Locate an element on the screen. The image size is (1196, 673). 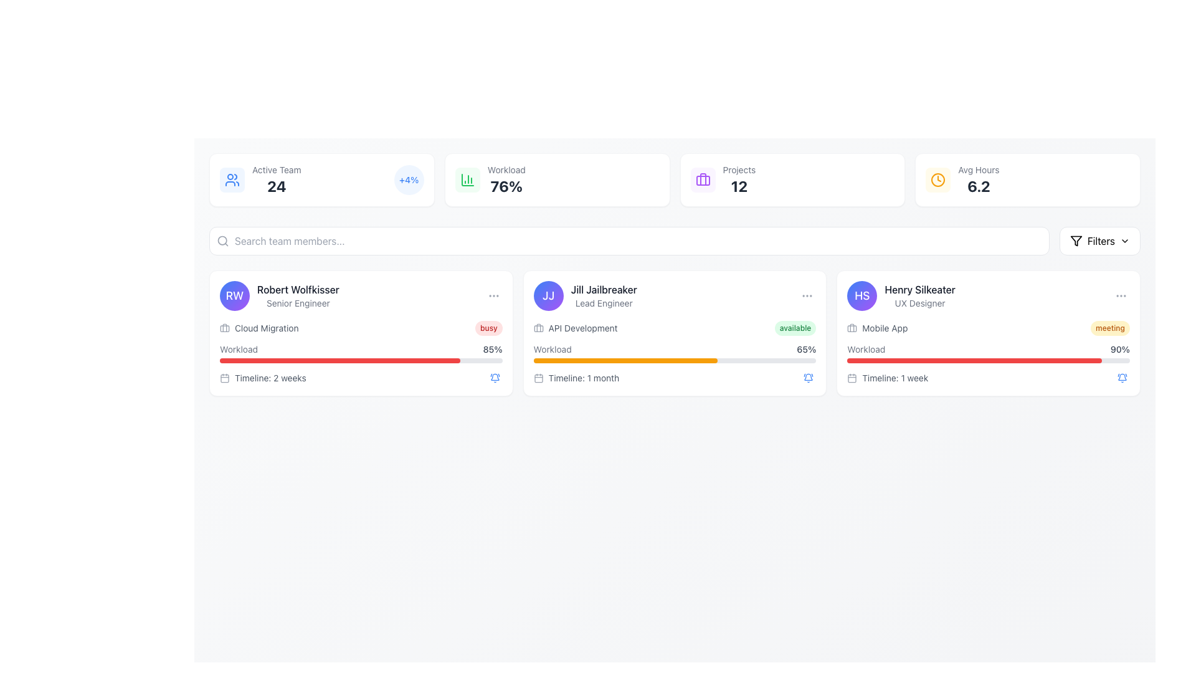
the filled section of the progress bar indicating 65% workload within the 'Workload' section of the card labeled 'Jill Jailbreaker' is located at coordinates (625, 360).